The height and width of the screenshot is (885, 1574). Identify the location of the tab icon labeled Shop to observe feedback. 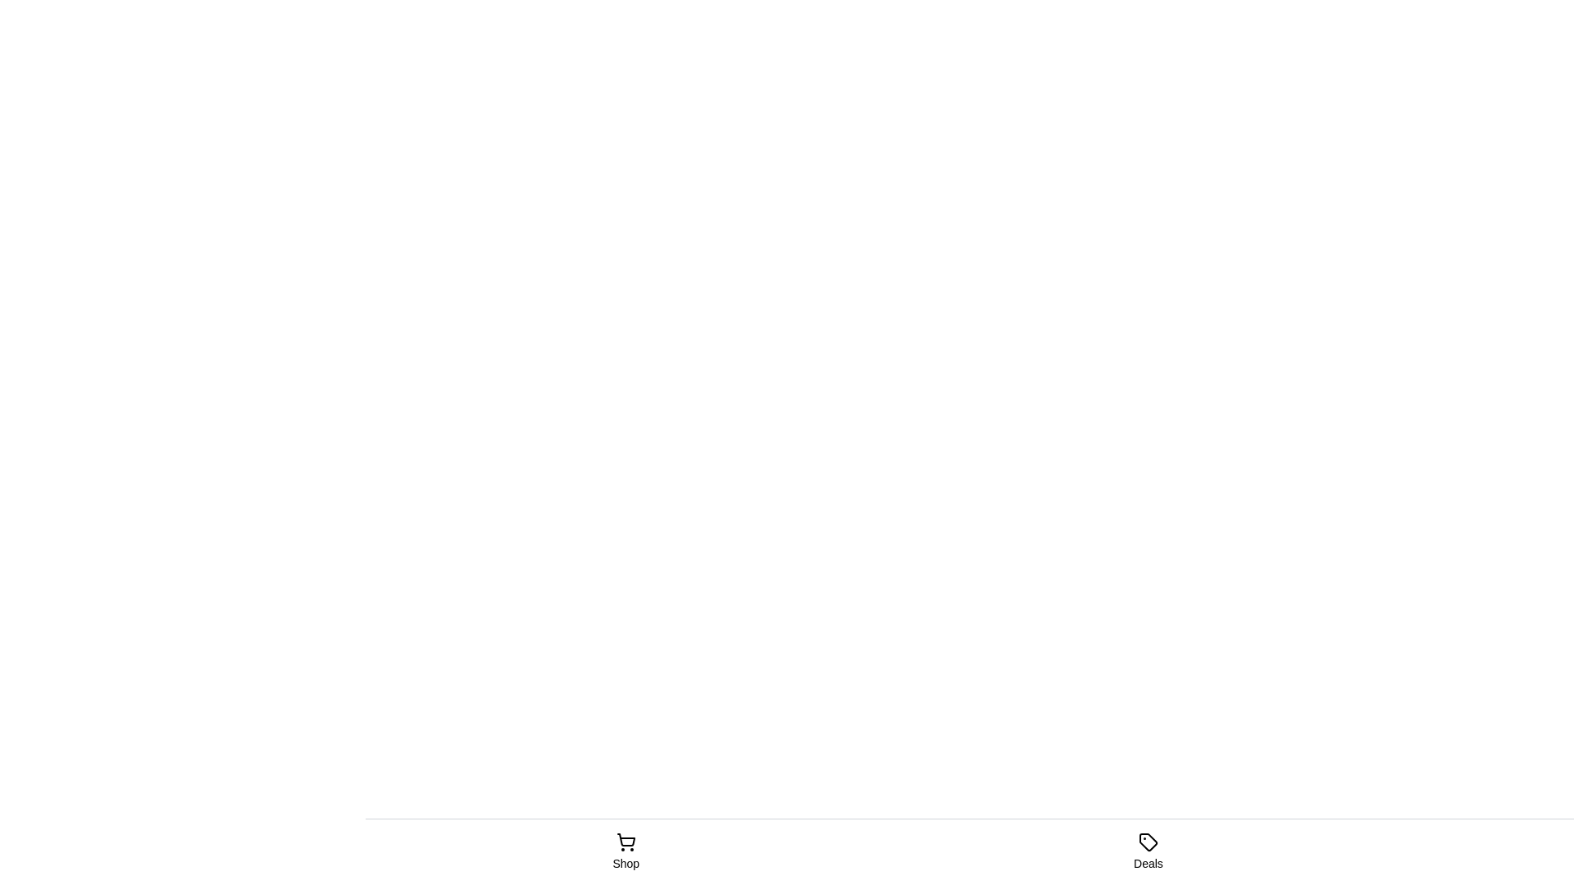
(625, 851).